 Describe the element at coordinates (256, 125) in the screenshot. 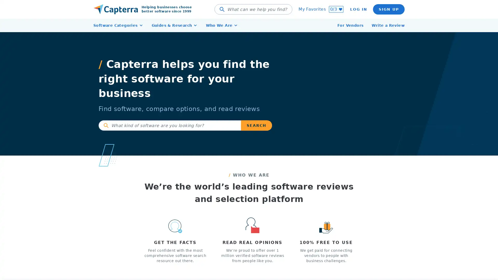

I see `SEARCH` at that location.